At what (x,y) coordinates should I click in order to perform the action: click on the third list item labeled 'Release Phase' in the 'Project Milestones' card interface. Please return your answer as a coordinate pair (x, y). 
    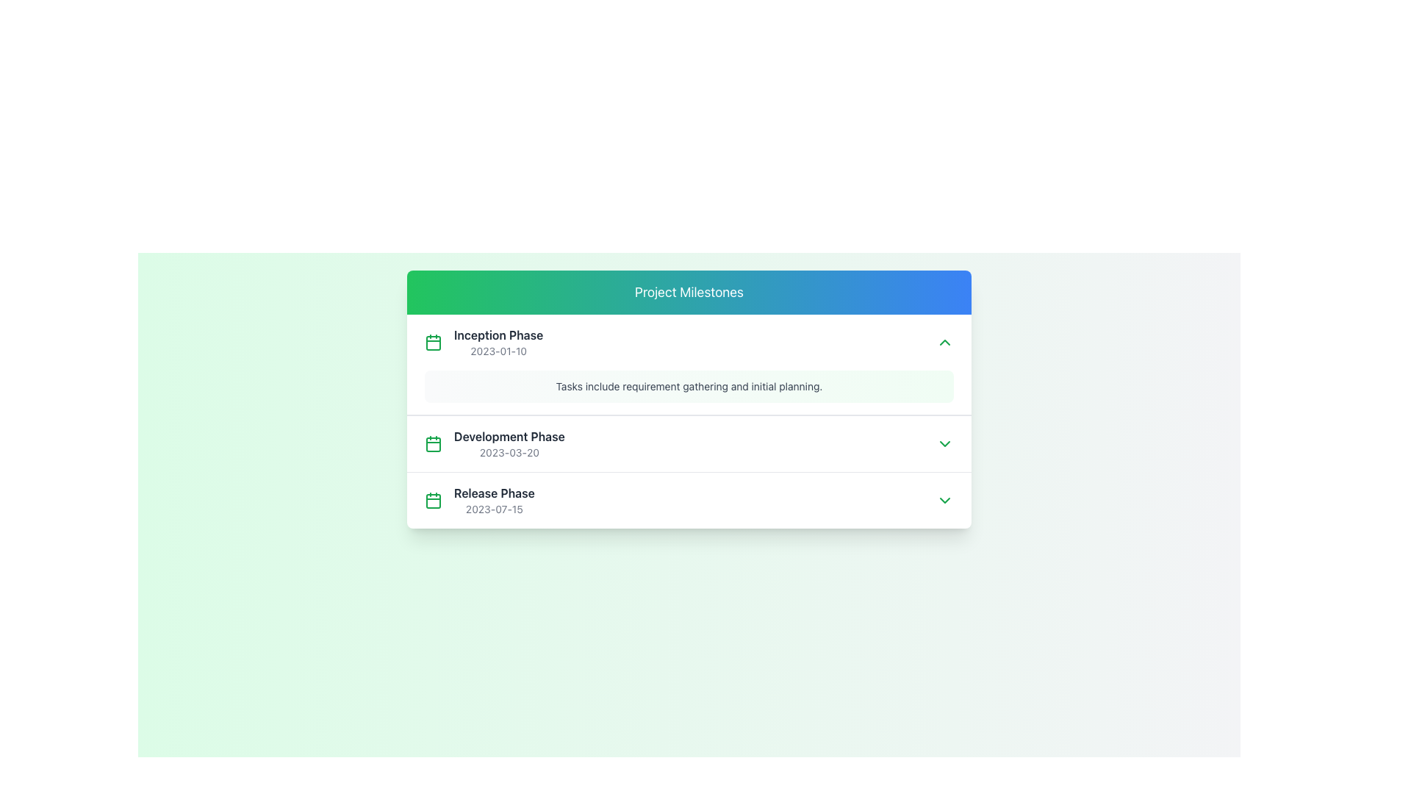
    Looking at the image, I should click on (688, 498).